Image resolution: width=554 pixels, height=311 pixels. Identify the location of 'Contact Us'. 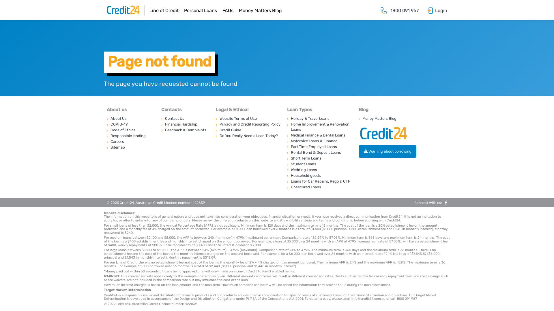
(185, 118).